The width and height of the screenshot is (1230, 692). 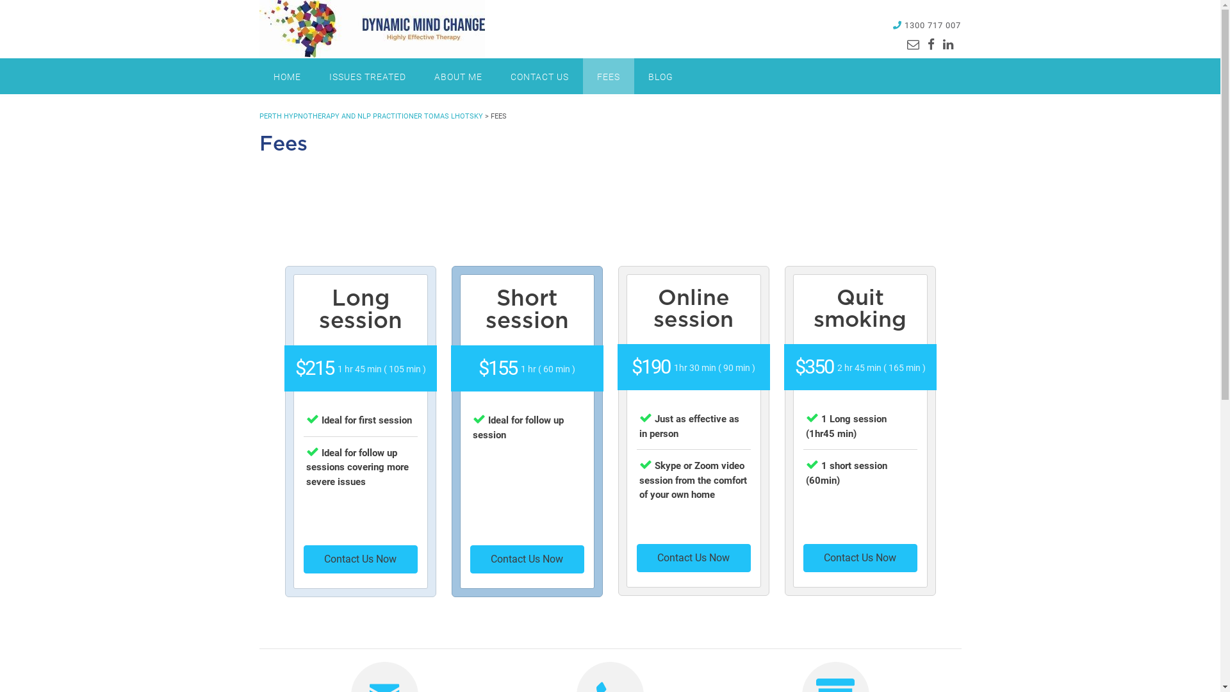 I want to click on 'Send us an email', so click(x=906, y=44).